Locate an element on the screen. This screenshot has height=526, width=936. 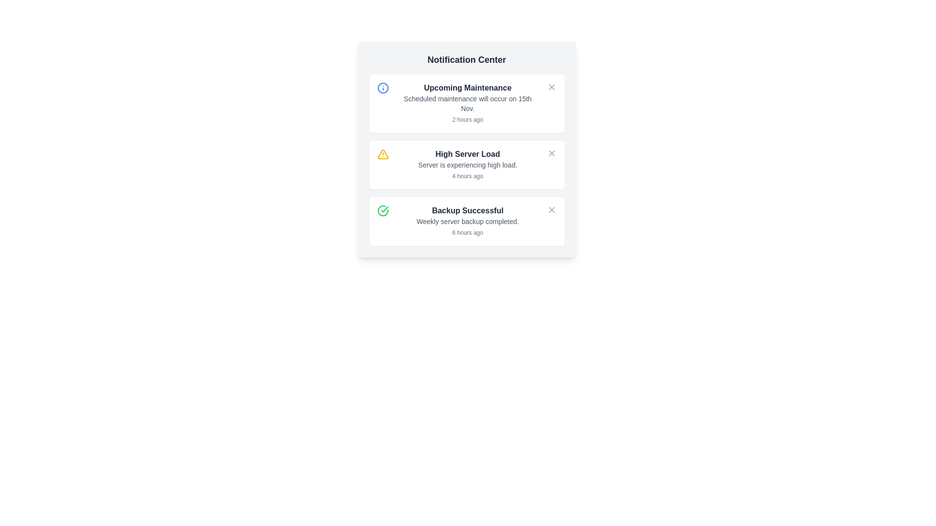
the small graphical cross mark icon within the middle notification card titled 'High Server Load', which is located on the far right of the card and vertically centered is located at coordinates (551, 153).